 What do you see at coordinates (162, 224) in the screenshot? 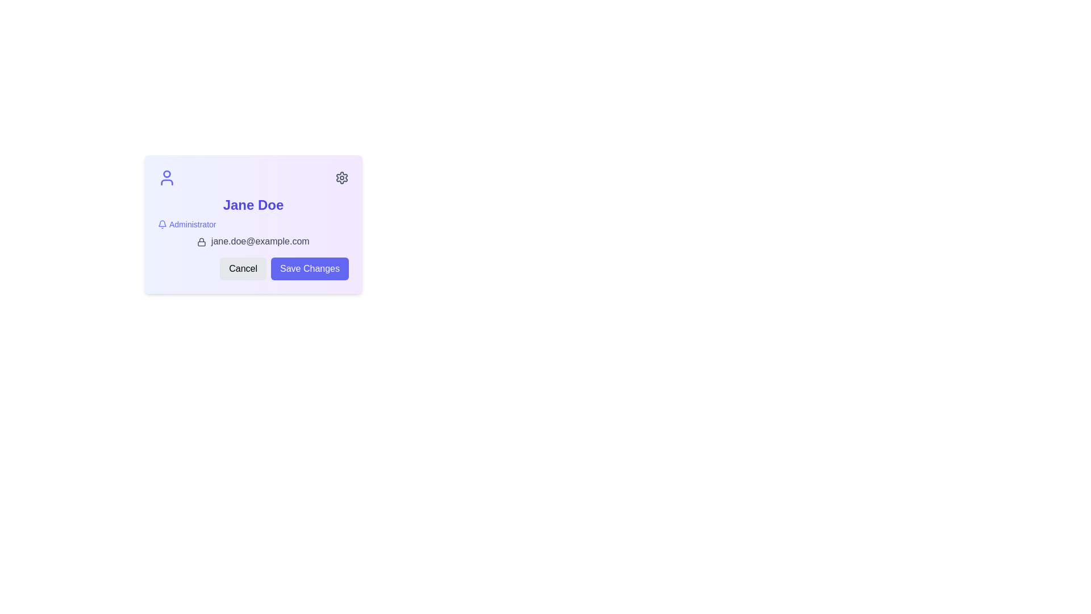
I see `the bell-shaped icon located to the left of the 'Administrator' text in the user profile card` at bounding box center [162, 224].